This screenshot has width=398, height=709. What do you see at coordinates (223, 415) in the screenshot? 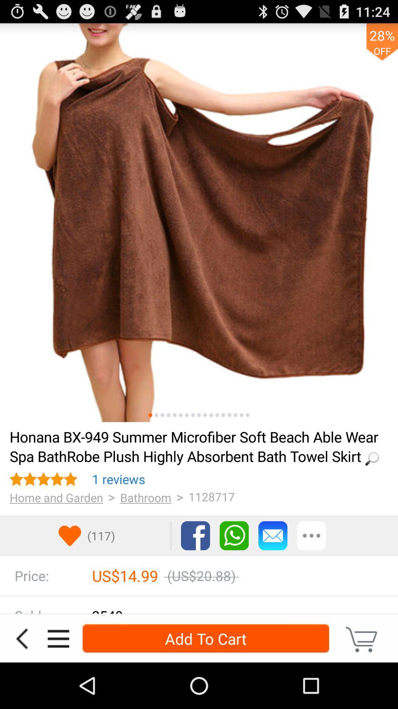
I see `a different picture` at bounding box center [223, 415].